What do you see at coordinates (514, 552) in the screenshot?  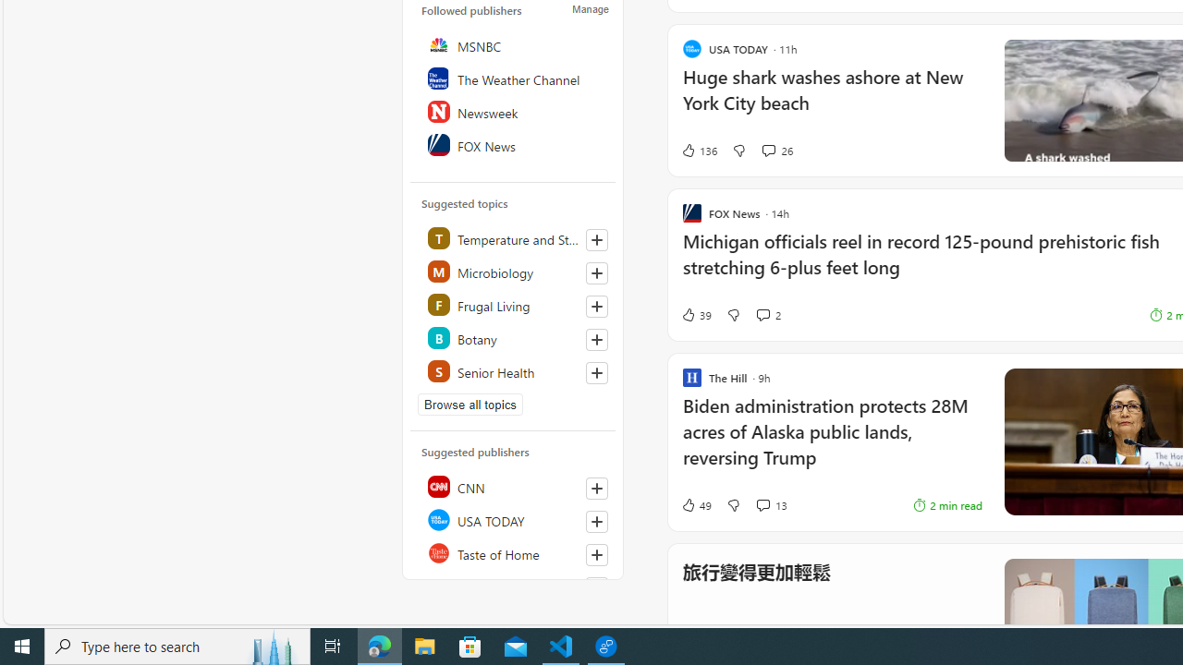 I see `'Taste of Home'` at bounding box center [514, 552].